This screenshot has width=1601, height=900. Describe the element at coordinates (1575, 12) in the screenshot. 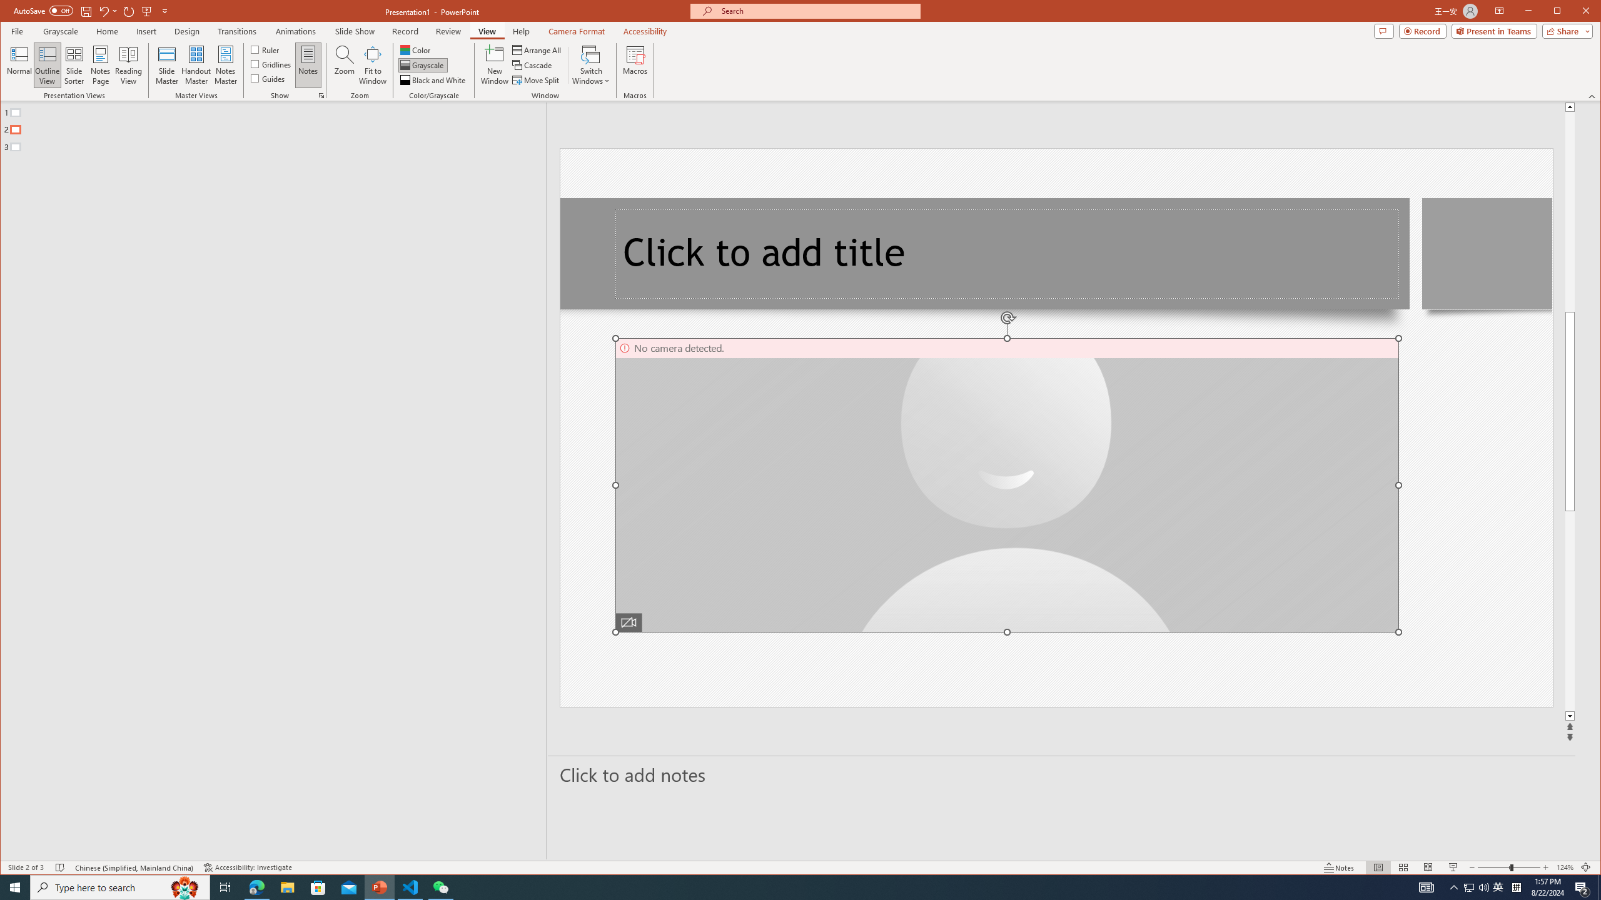

I see `'Maximize'` at that location.